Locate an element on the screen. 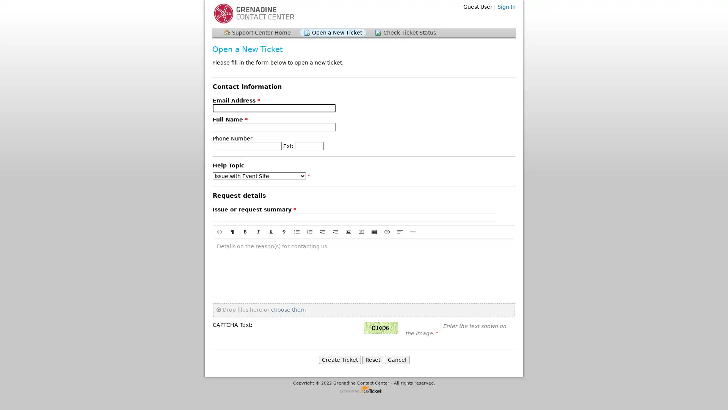 This screenshot has width=728, height=410. Italic is located at coordinates (258, 231).